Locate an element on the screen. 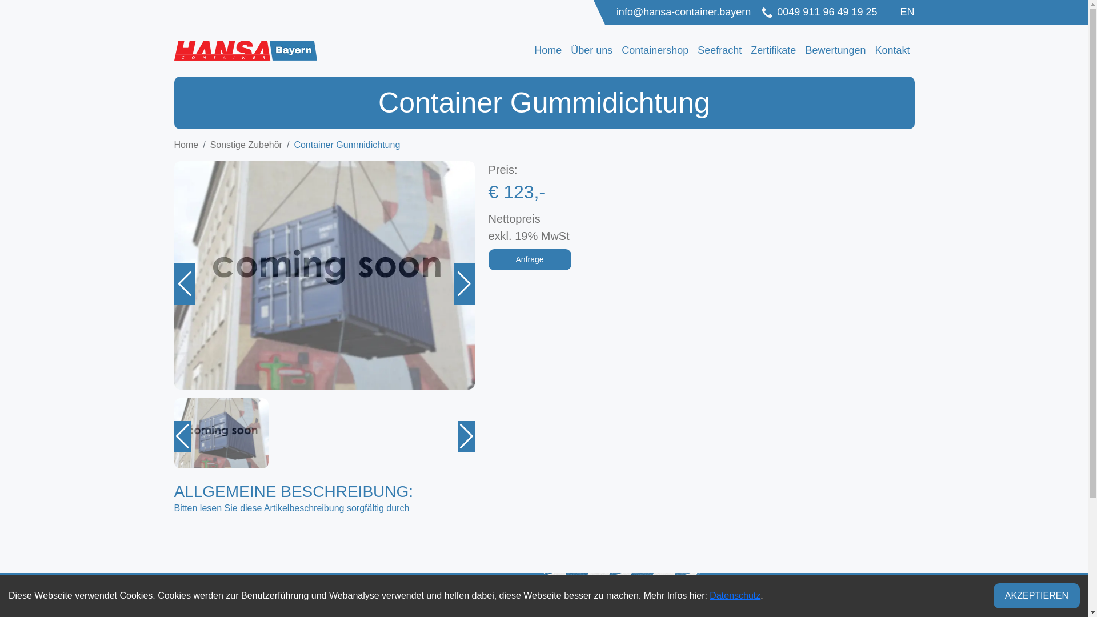 This screenshot has height=617, width=1097. 'EN' is located at coordinates (906, 11).